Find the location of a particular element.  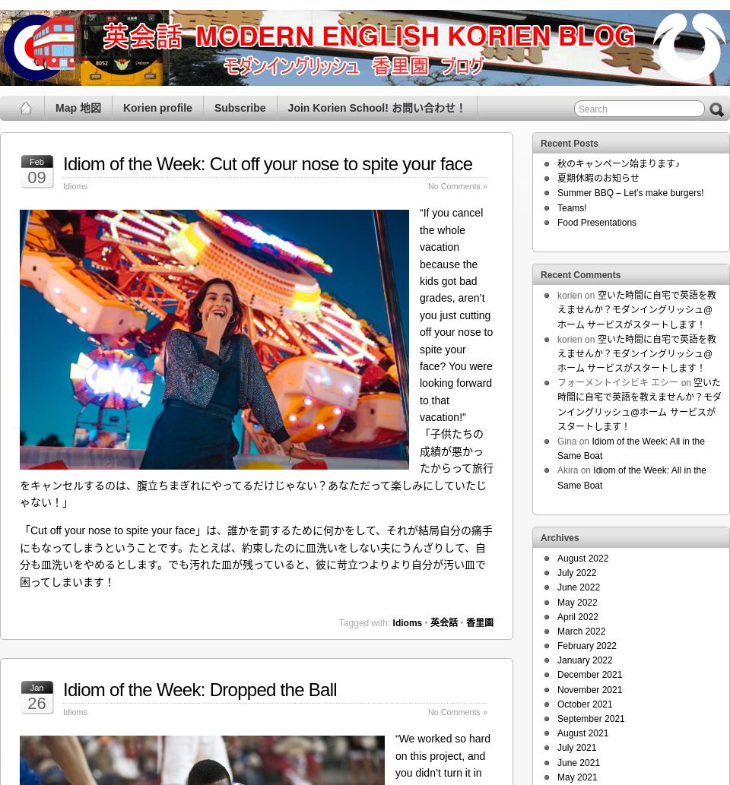

'Feb' is located at coordinates (36, 161).